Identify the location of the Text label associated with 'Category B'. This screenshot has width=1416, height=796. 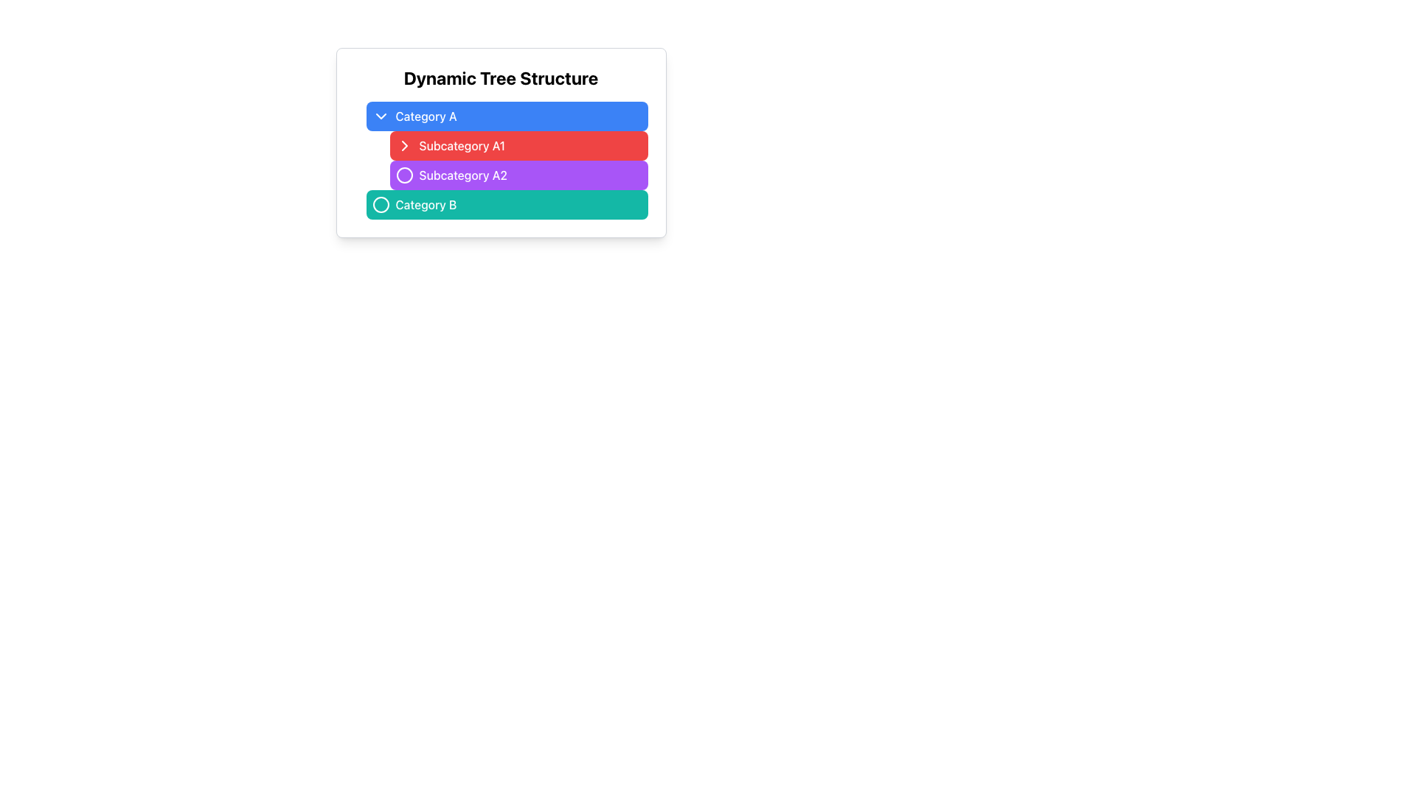
(425, 204).